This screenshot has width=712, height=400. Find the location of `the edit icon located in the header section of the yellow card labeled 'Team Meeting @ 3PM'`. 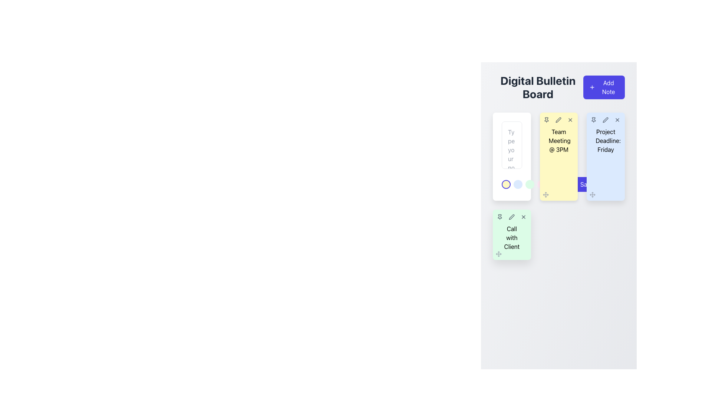

the edit icon located in the header section of the yellow card labeled 'Team Meeting @ 3PM' is located at coordinates (558, 120).